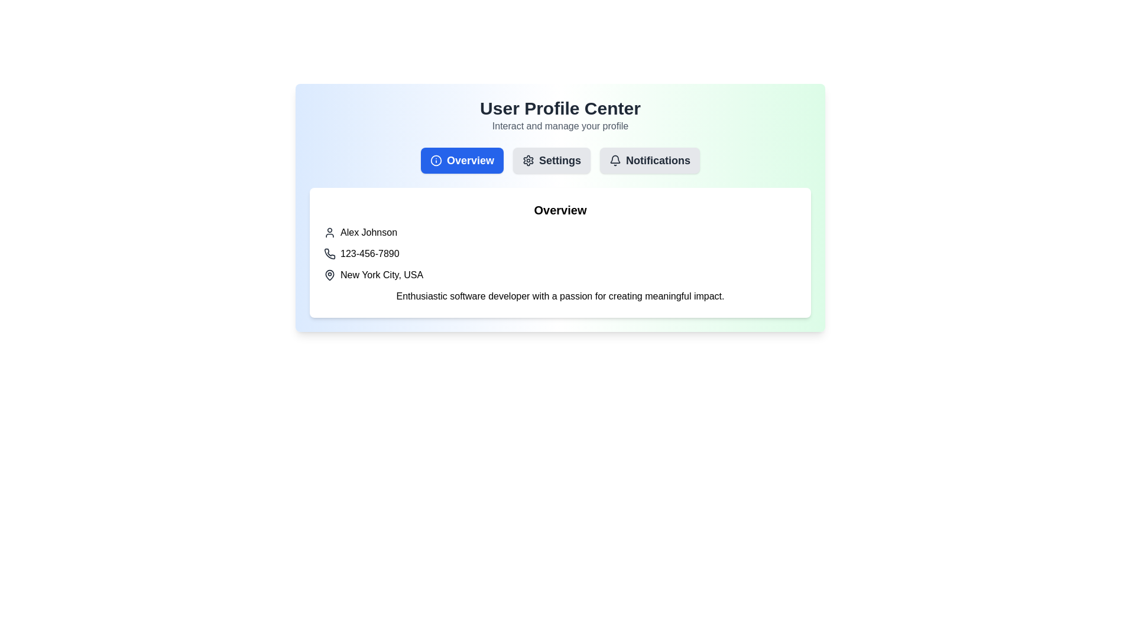  I want to click on the 'Overview' section header text label, which signifies the content below it belongs to the Overview section, so click(560, 209).